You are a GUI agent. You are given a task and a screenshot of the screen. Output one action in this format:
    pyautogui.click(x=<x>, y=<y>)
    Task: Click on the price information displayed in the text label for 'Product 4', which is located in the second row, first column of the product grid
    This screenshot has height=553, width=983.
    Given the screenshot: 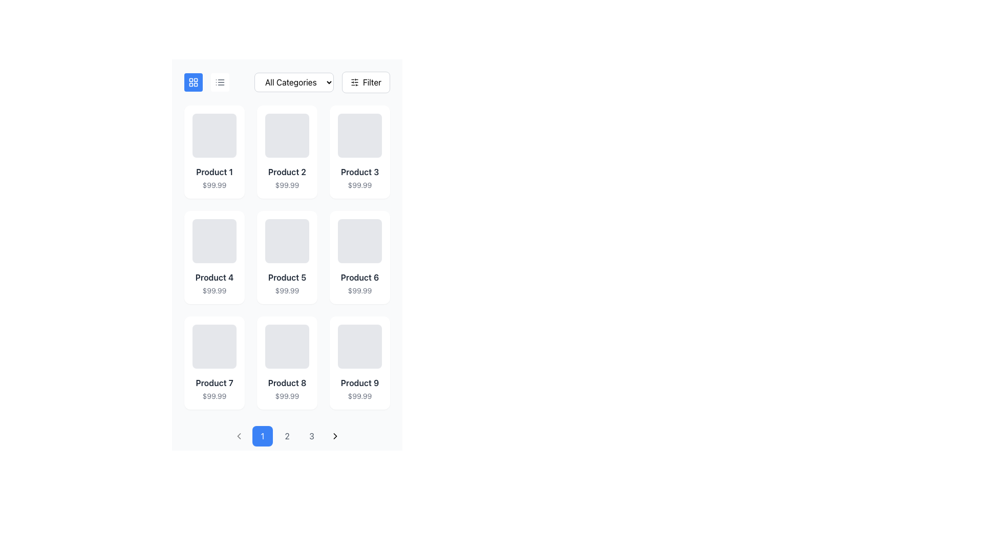 What is the action you would take?
    pyautogui.click(x=213, y=290)
    